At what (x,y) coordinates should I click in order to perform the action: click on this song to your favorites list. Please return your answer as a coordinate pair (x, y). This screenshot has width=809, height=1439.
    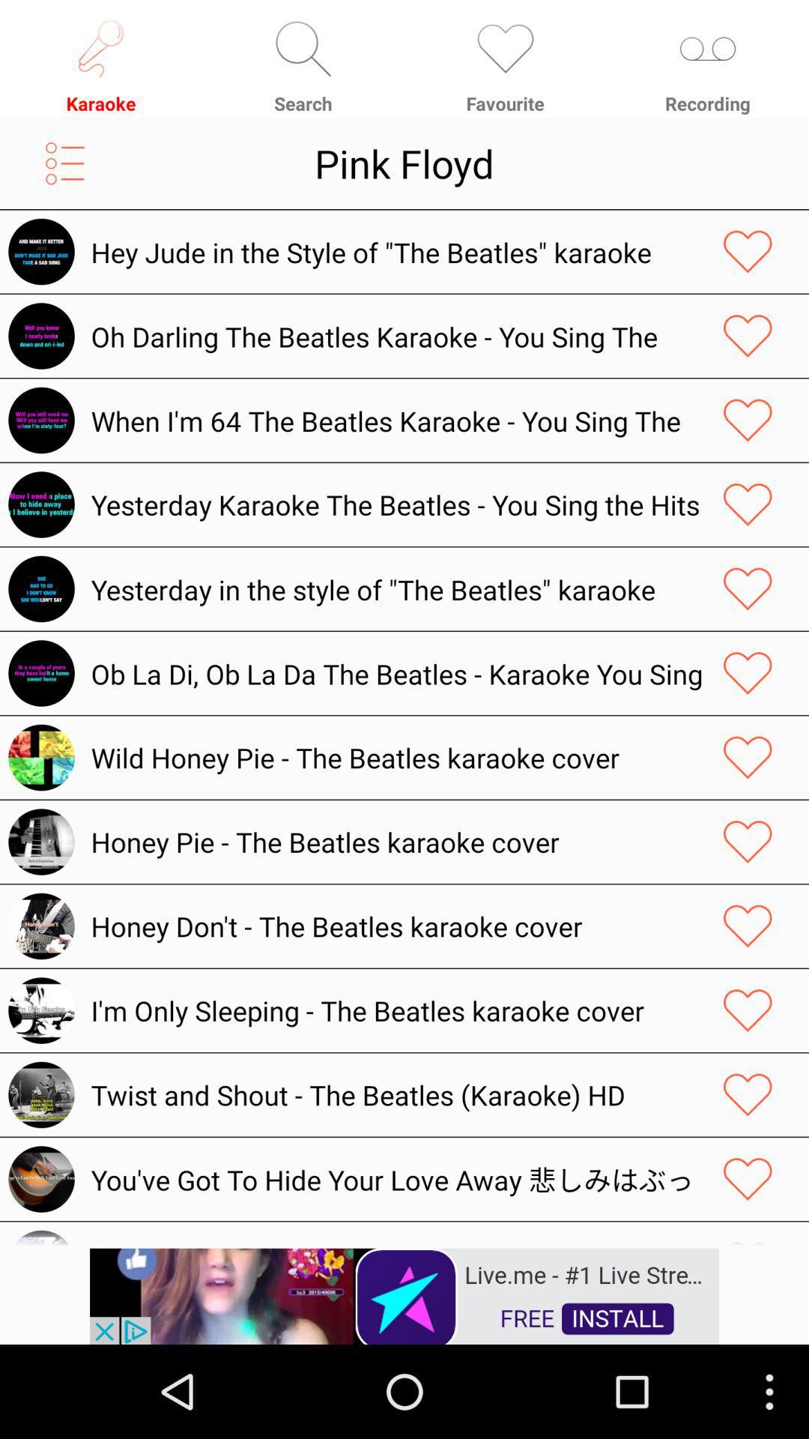
    Looking at the image, I should click on (748, 504).